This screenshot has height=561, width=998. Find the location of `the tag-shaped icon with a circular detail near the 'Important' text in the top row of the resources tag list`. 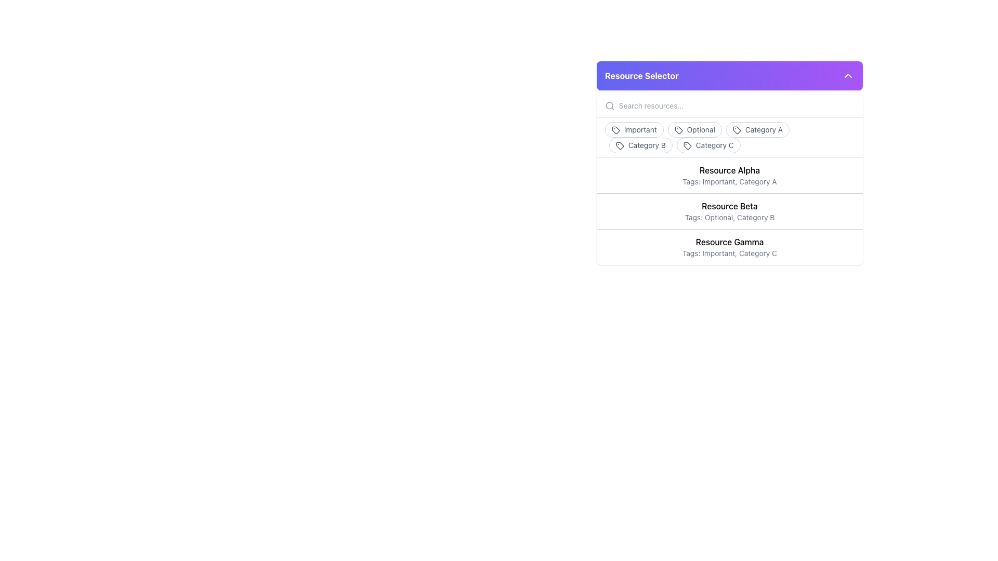

the tag-shaped icon with a circular detail near the 'Important' text in the top row of the resources tag list is located at coordinates (616, 129).